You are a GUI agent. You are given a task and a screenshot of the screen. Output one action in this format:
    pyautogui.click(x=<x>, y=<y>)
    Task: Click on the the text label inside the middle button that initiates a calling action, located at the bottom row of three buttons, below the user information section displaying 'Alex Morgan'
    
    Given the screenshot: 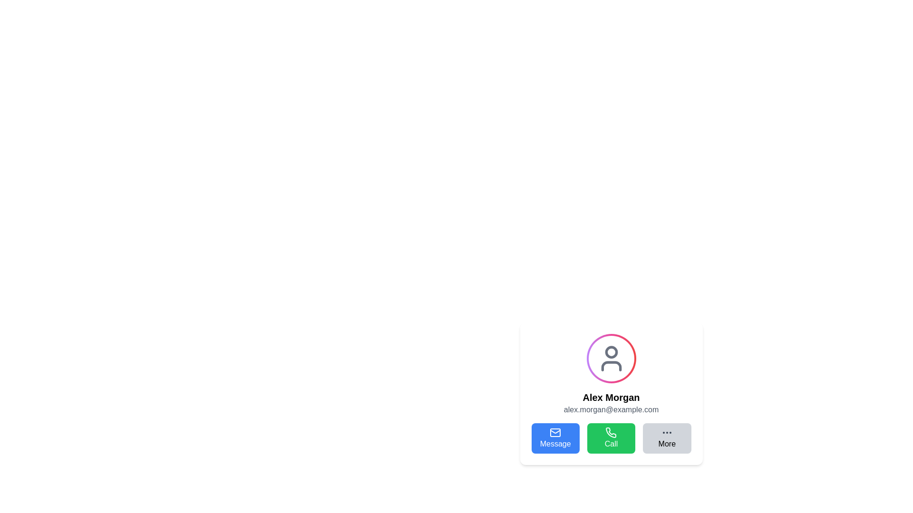 What is the action you would take?
    pyautogui.click(x=611, y=444)
    